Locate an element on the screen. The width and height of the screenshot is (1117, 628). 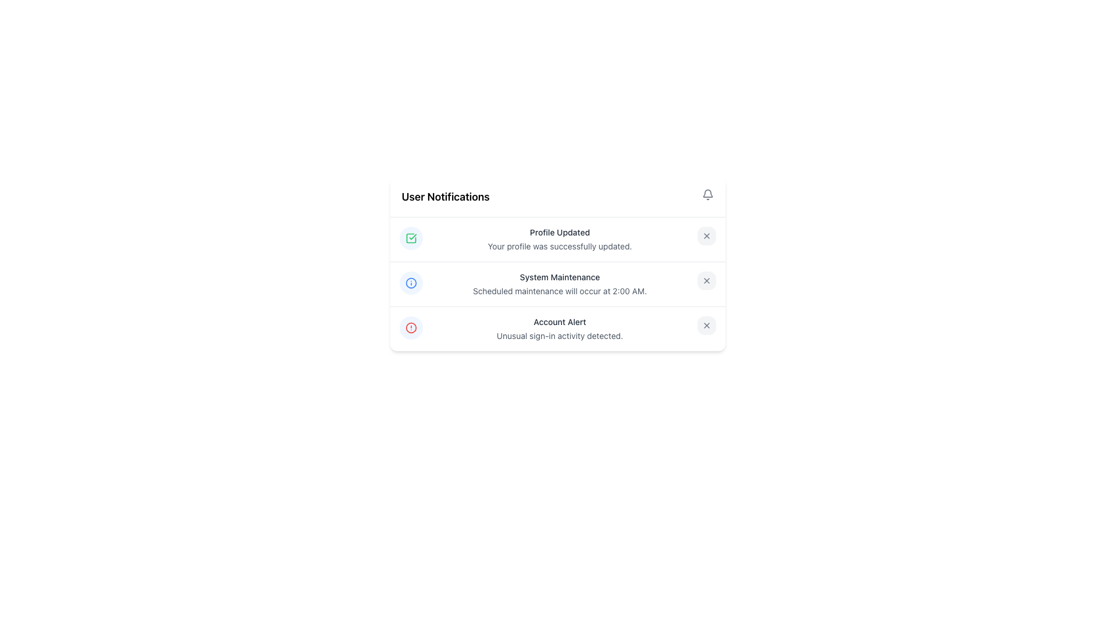
'User Notifications' text label to understand the context of the notifications section in the interface is located at coordinates (445, 197).